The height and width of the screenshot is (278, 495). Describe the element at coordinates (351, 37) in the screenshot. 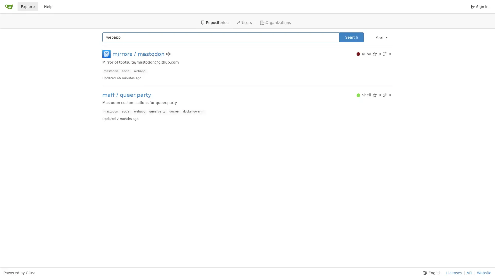

I see `Search` at that location.